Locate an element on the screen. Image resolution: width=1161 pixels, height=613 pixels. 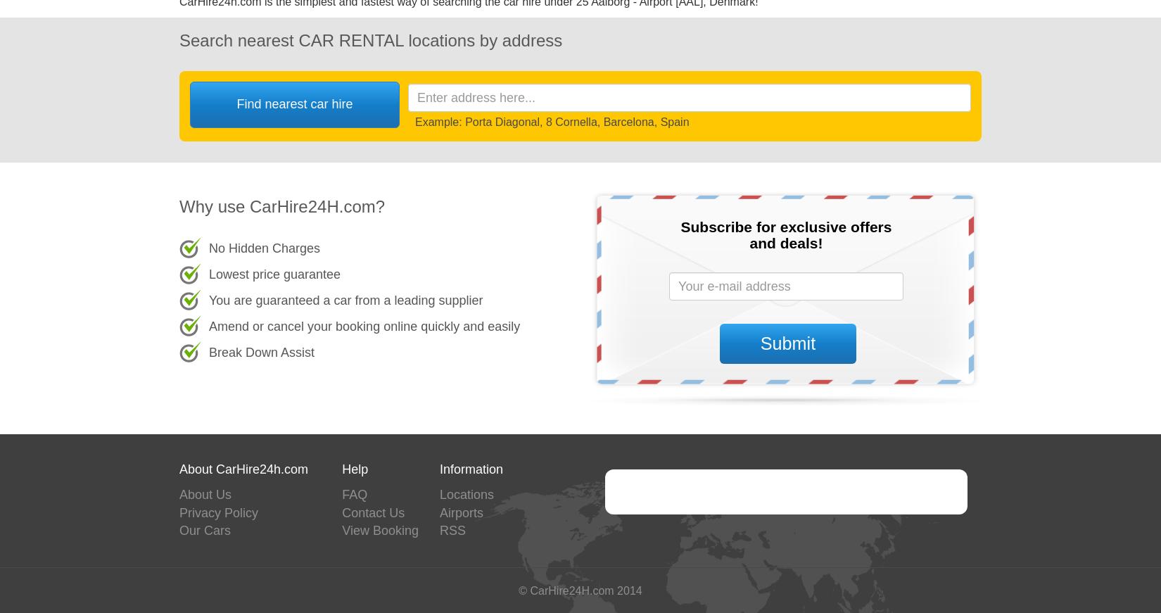
'Help' is located at coordinates (341, 469).